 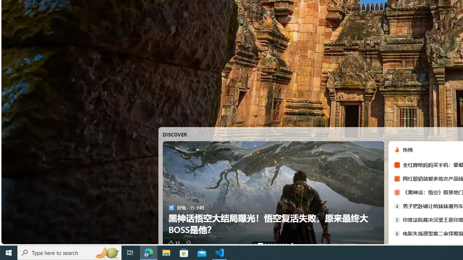 I want to click on 'AutomationID: tab-0', so click(x=255, y=244).